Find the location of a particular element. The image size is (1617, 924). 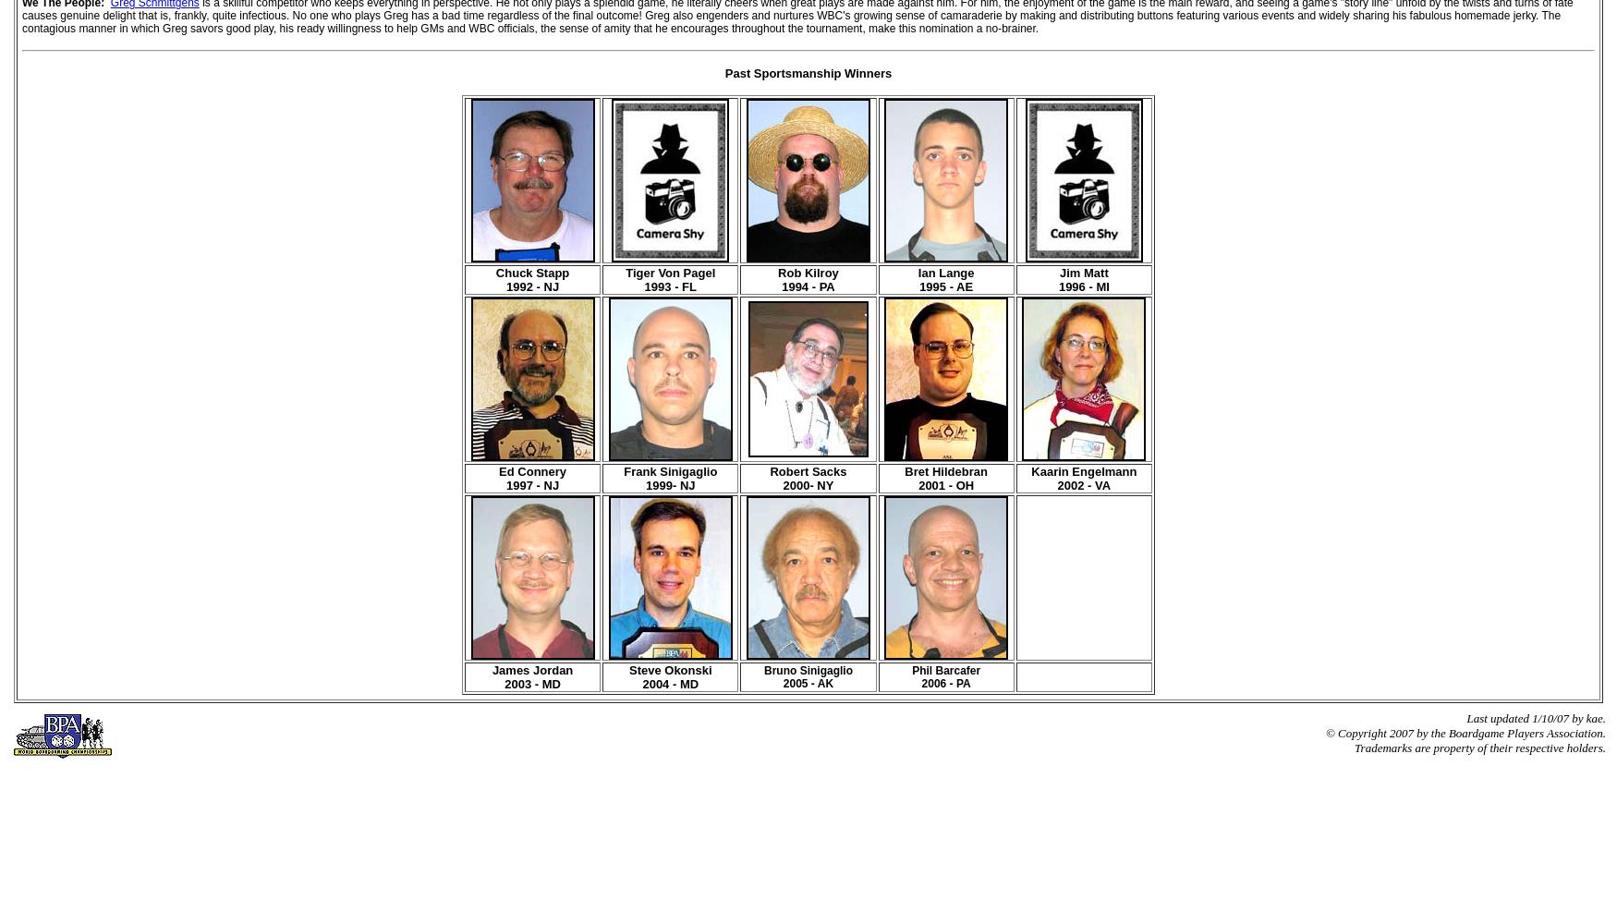

'2006 - PA' is located at coordinates (944, 683).